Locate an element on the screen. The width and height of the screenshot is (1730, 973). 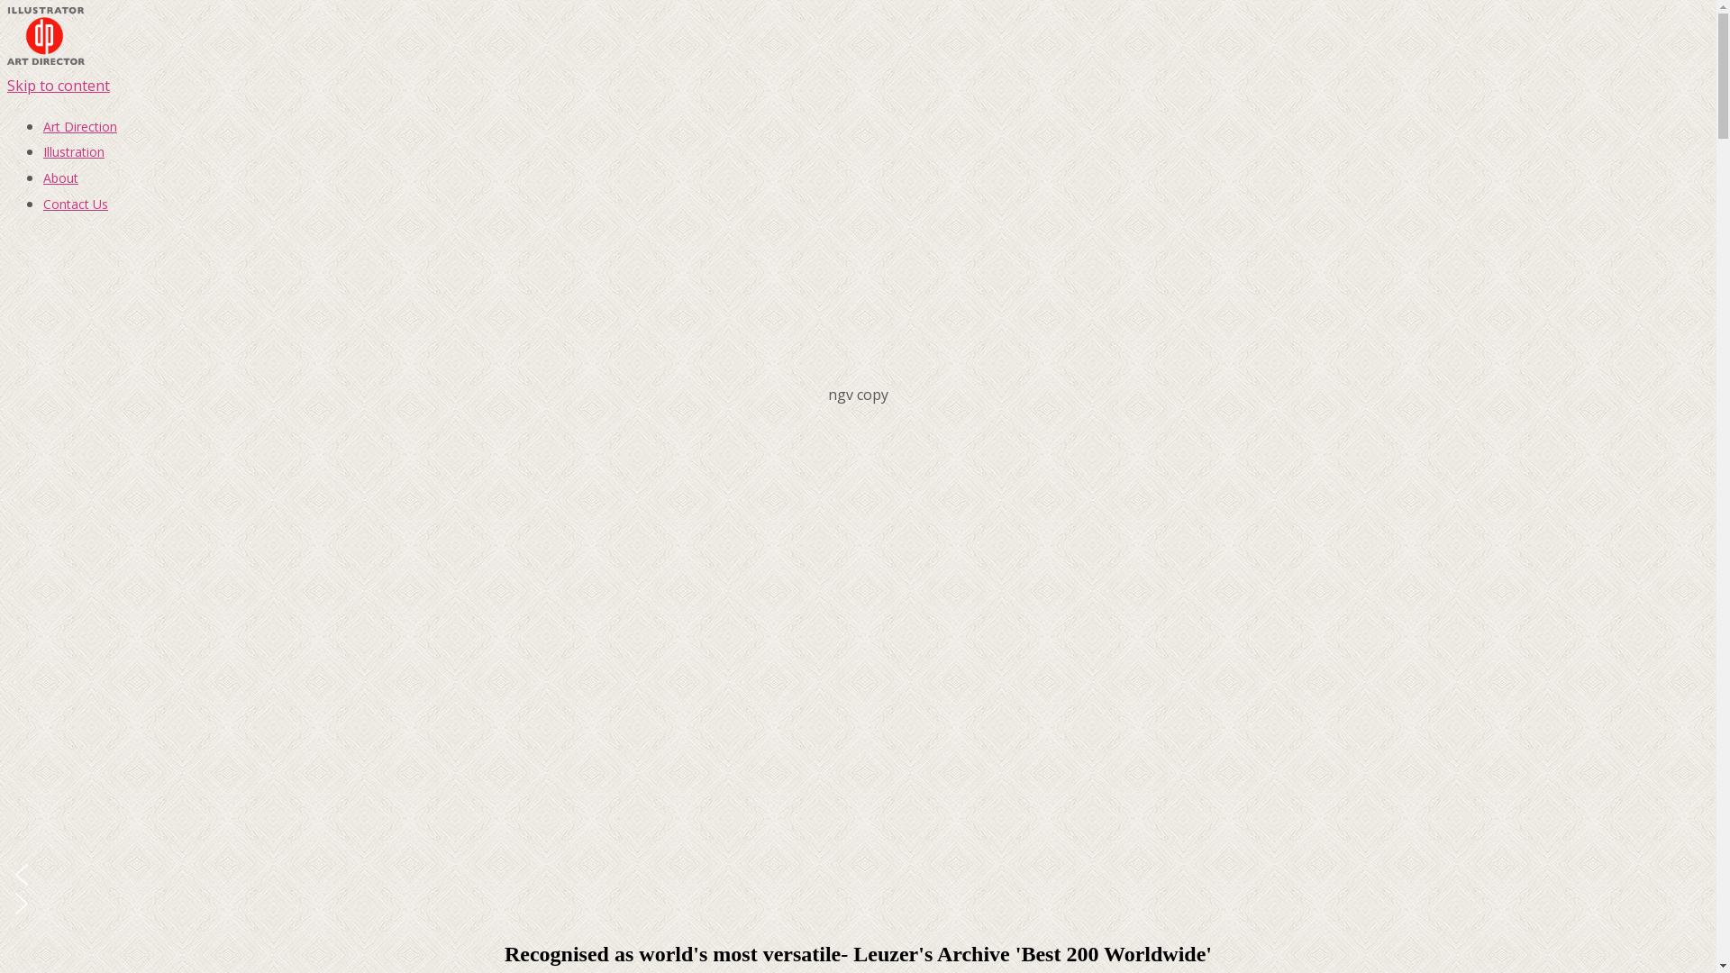
'Contact Us' is located at coordinates (74, 203).